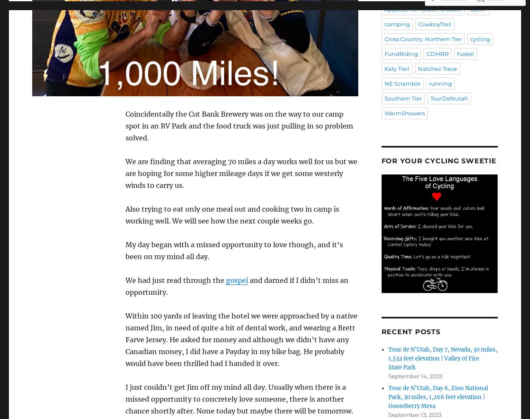 Image resolution: width=530 pixels, height=419 pixels. I want to click on 'Natchez Trace', so click(437, 68).